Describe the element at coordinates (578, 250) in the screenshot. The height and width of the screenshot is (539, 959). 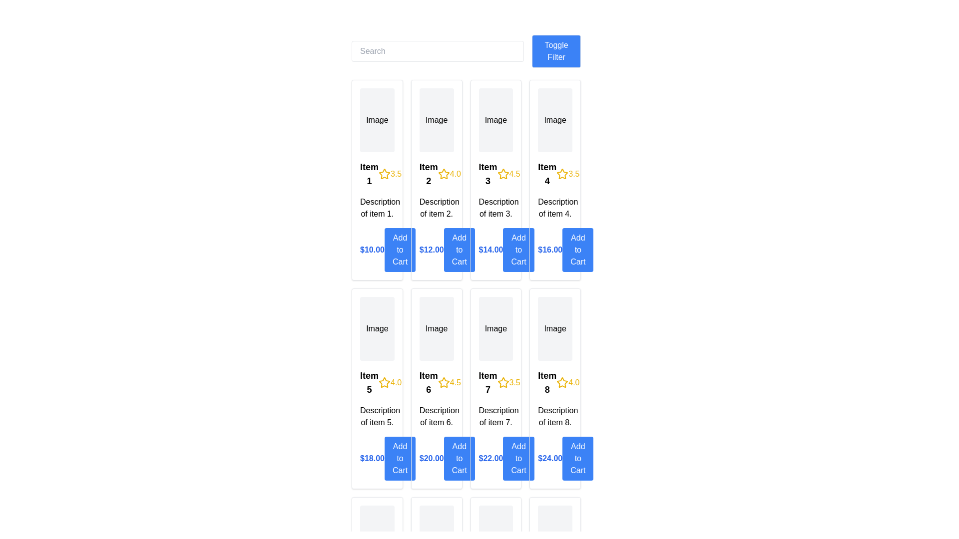
I see `the button in the fourth column of the first row` at that location.